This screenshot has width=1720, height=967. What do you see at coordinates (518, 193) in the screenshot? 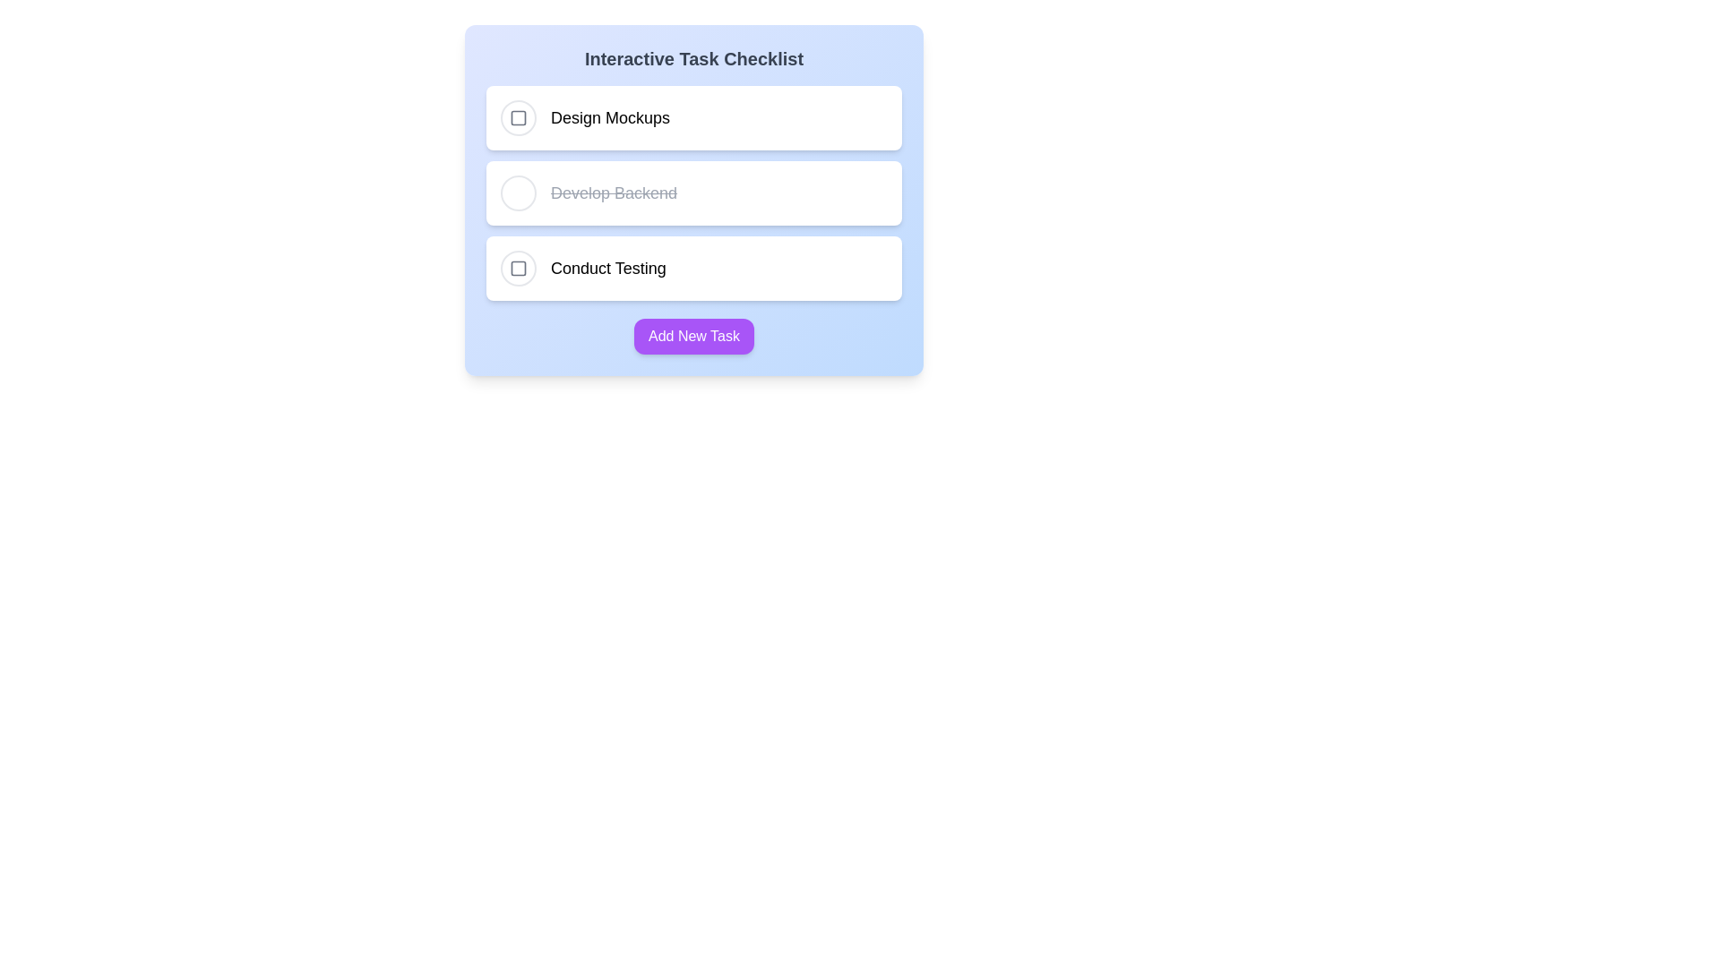
I see `the checkbox of the task labeled Develop Backend to toggle its completion status` at bounding box center [518, 193].